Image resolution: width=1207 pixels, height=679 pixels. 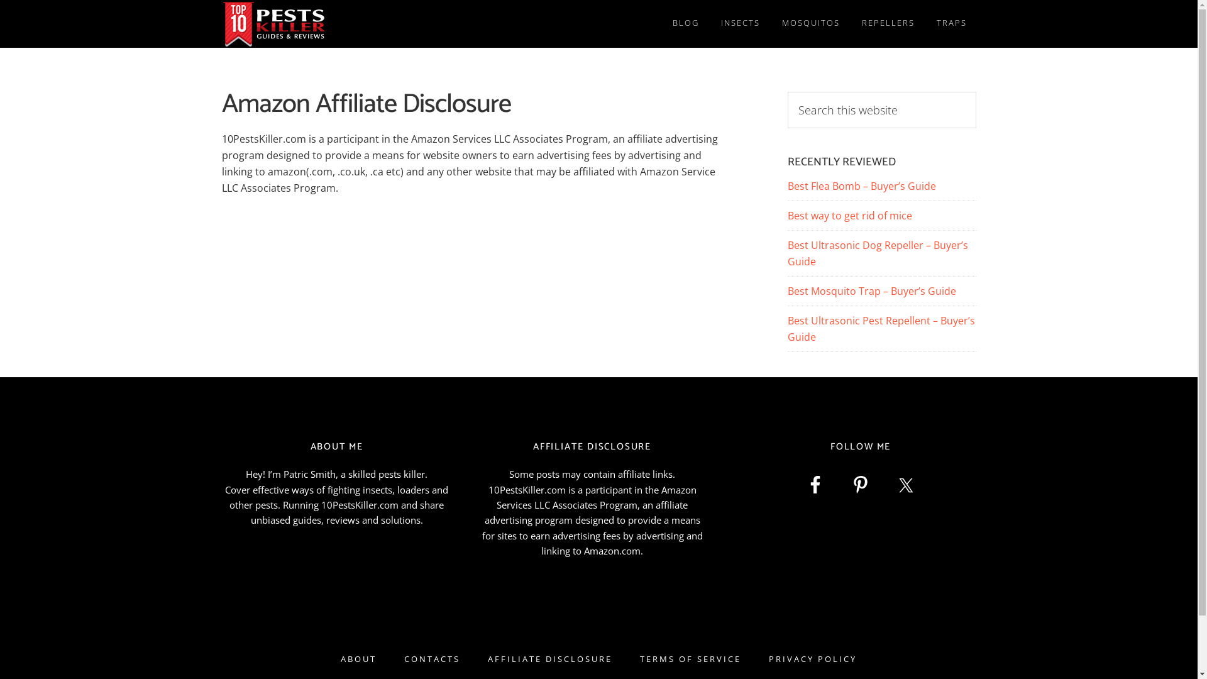 What do you see at coordinates (849, 215) in the screenshot?
I see `'Best way to get rid of mice'` at bounding box center [849, 215].